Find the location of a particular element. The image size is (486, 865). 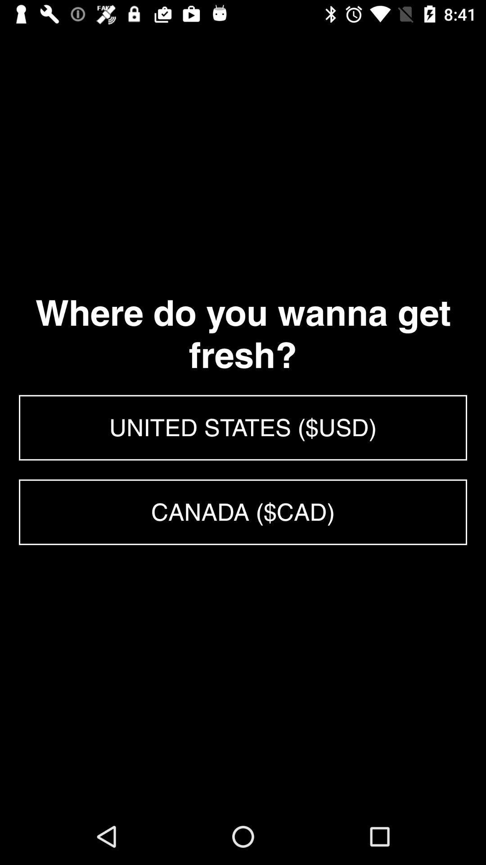

icon below the united states ($usd) is located at coordinates (243, 512).